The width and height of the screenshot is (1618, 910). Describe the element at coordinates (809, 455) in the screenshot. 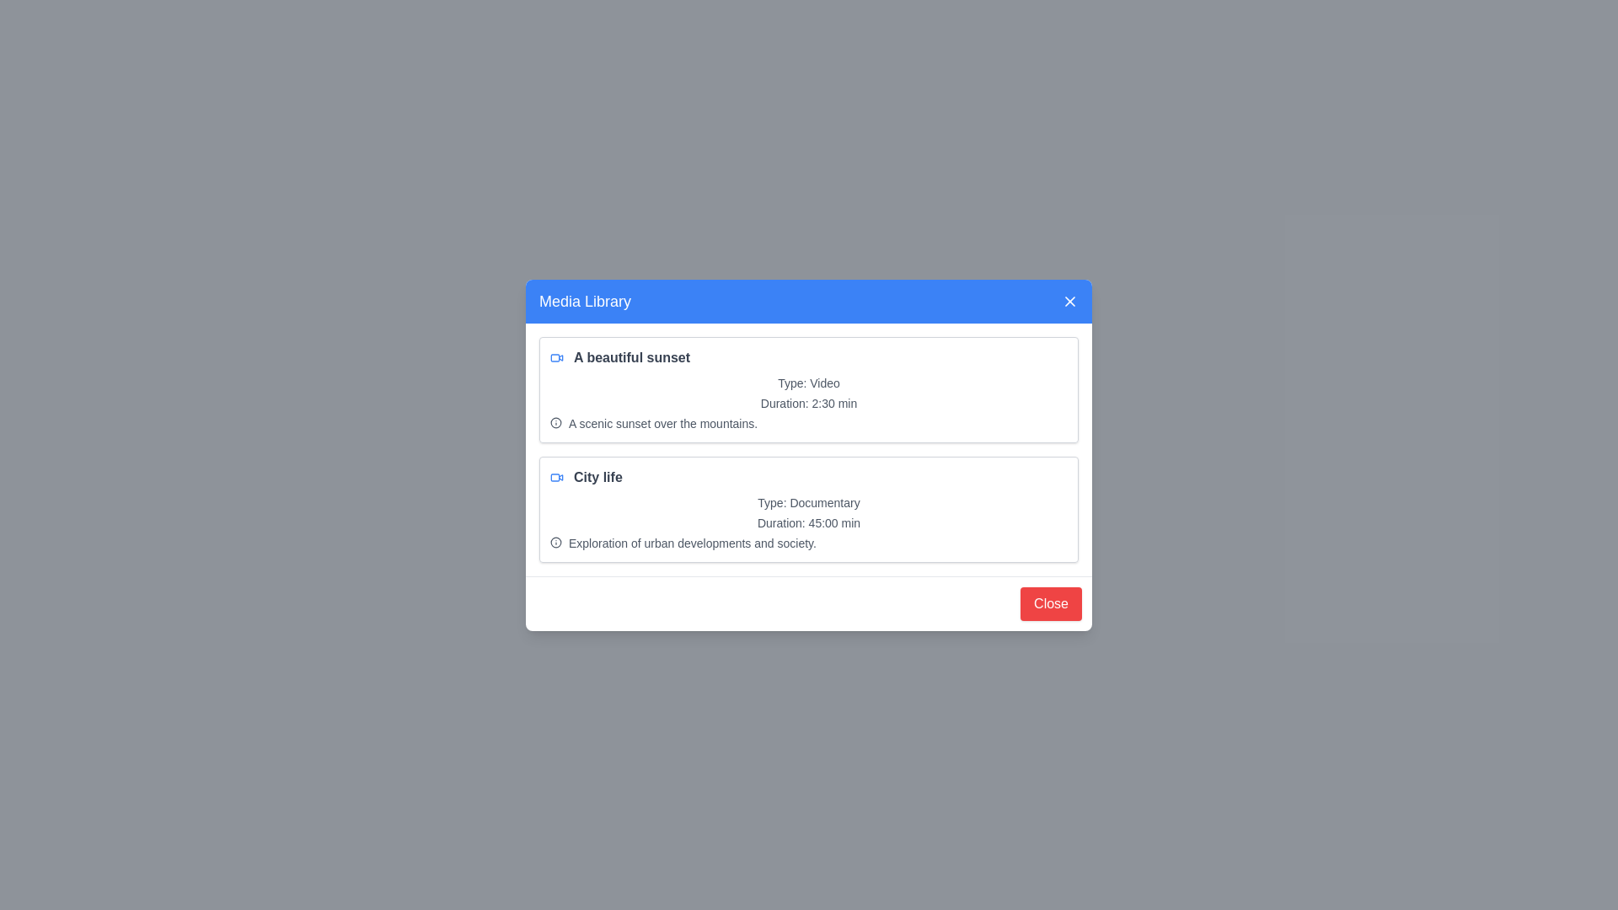

I see `the media card displayed in the modal dialog labeled 'A beautiful sunset' or 'City life' to interact with their content` at that location.